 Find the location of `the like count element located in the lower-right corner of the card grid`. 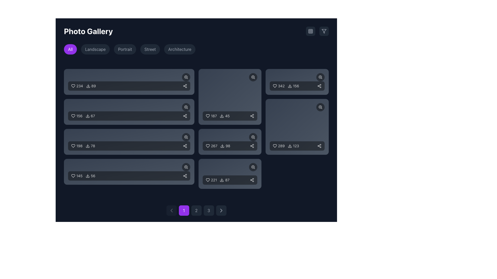

the like count element located in the lower-right corner of the card grid is located at coordinates (211, 180).